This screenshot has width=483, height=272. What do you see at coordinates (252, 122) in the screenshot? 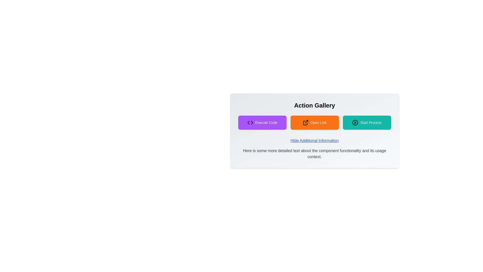
I see `second triangular pointer element, which is part of a larger graphical icon and positioned near the center, for debugging purposes` at bounding box center [252, 122].